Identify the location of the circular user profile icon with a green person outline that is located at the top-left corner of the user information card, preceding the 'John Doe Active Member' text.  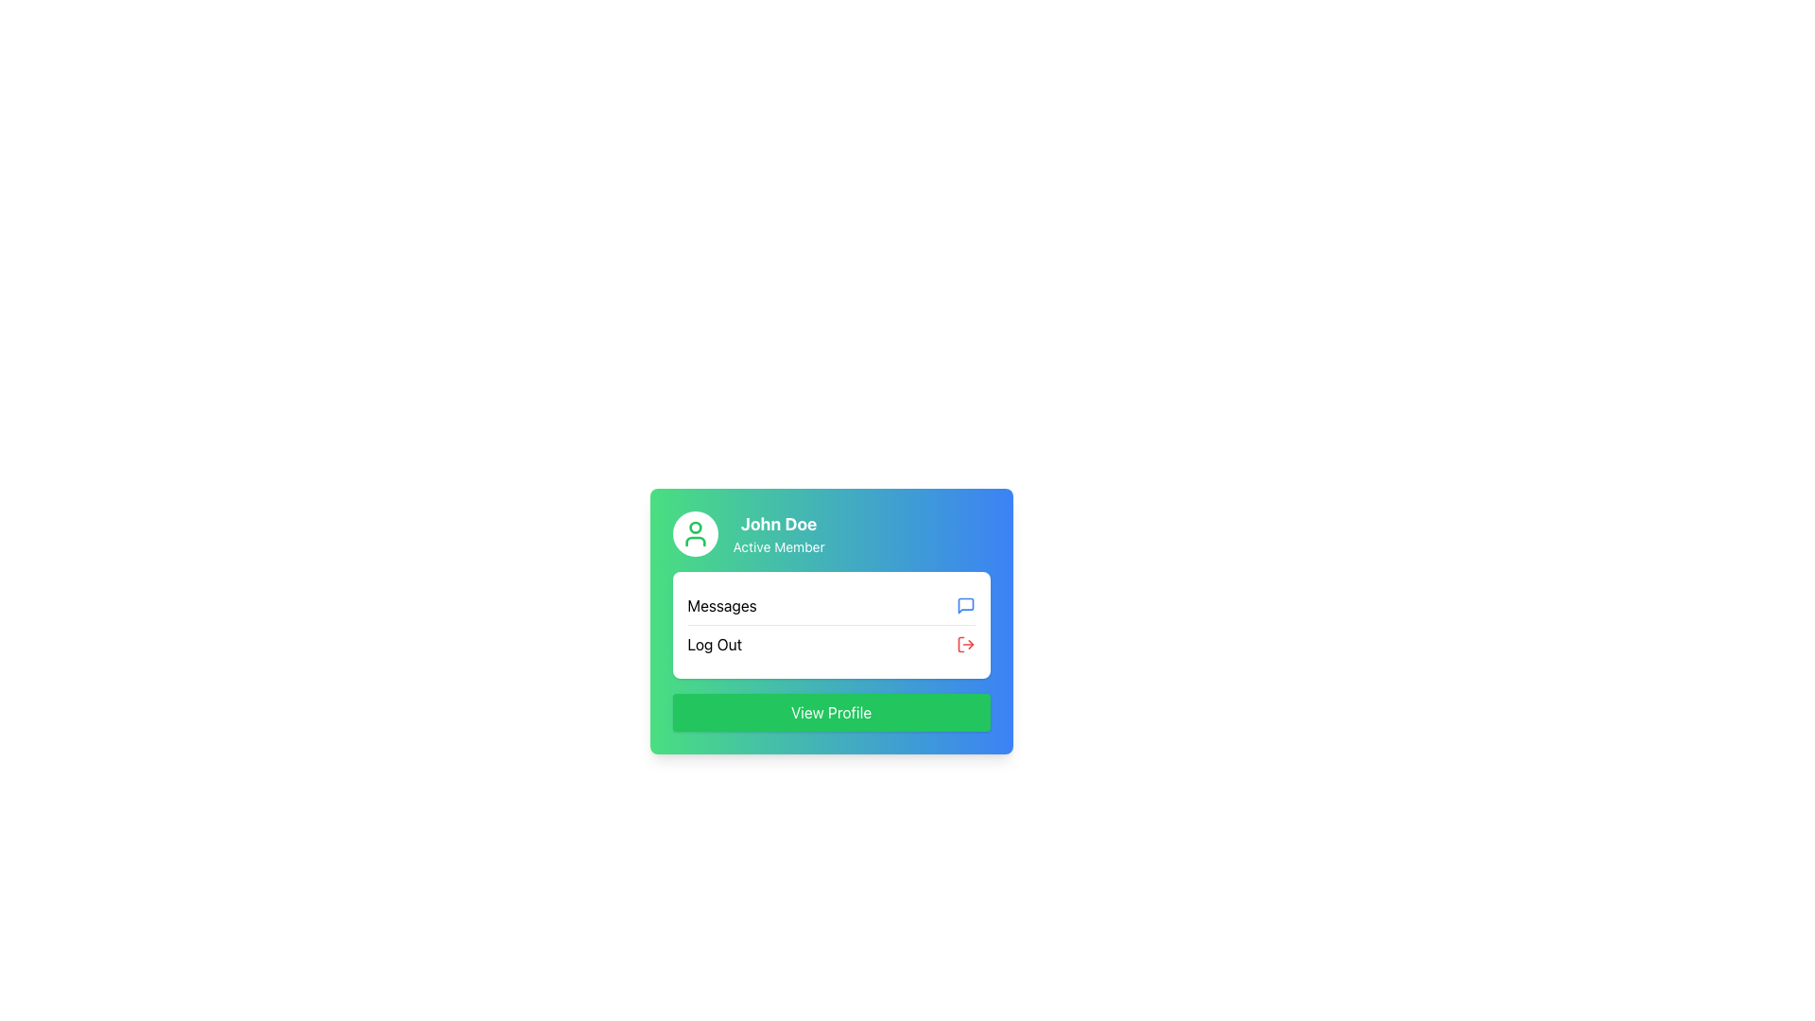
(694, 533).